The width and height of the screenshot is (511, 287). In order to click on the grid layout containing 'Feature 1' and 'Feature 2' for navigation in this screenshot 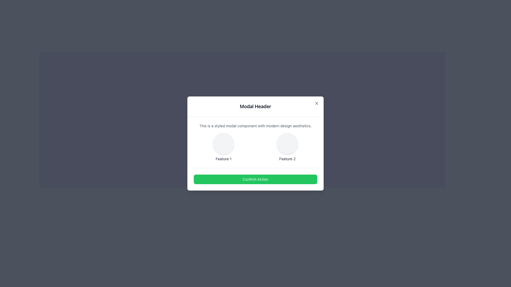, I will do `click(256, 147)`.